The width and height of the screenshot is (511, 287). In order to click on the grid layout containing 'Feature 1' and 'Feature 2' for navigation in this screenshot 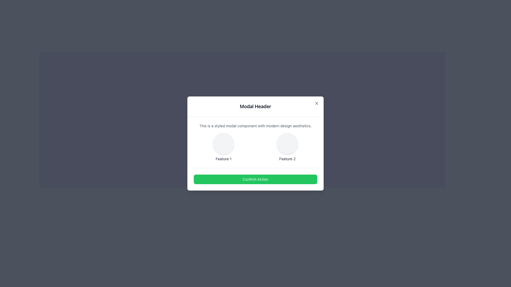, I will do `click(256, 147)`.